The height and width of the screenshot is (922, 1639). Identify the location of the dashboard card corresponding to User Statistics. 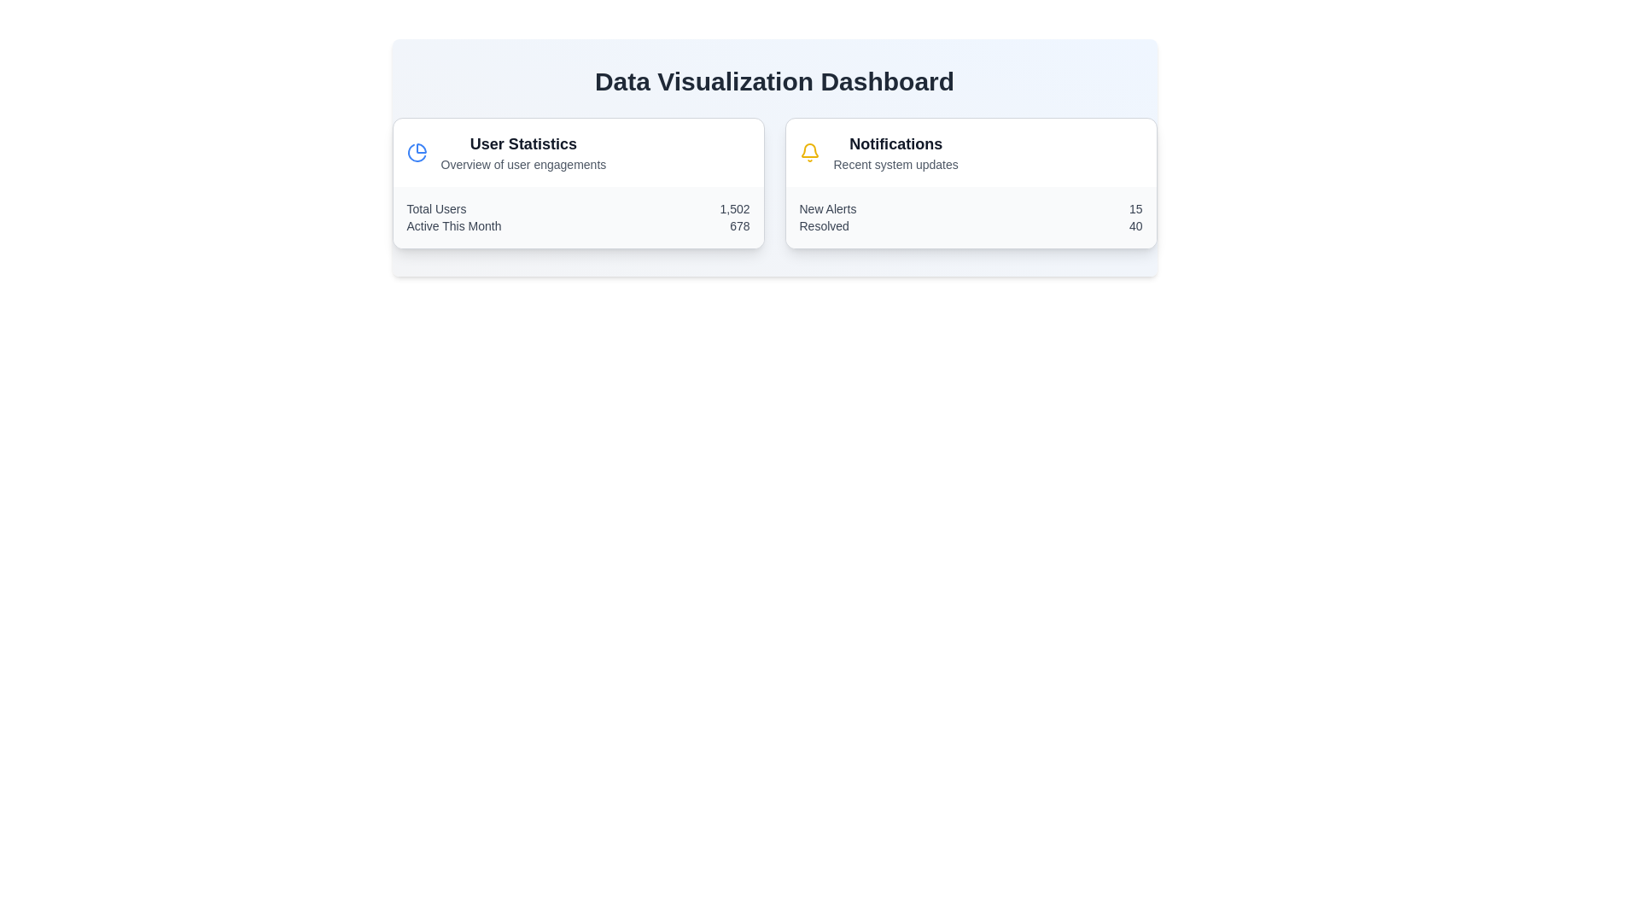
(578, 184).